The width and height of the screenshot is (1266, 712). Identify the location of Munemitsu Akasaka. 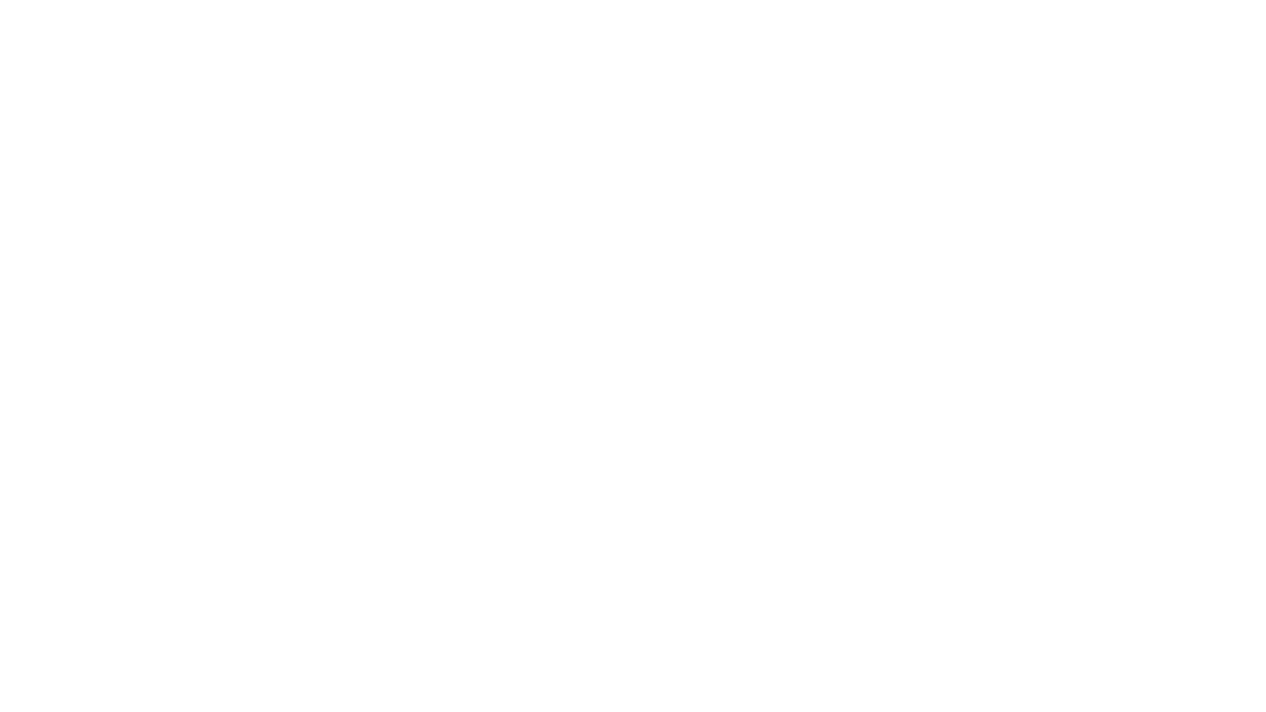
(351, 151).